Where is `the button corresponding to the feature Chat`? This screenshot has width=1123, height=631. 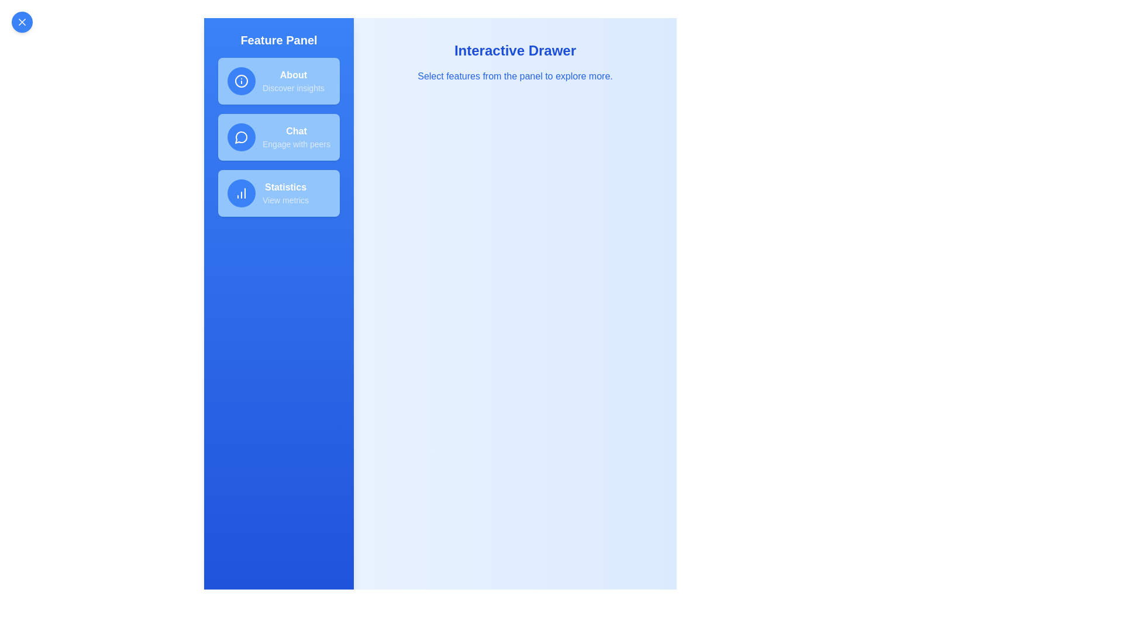 the button corresponding to the feature Chat is located at coordinates (278, 137).